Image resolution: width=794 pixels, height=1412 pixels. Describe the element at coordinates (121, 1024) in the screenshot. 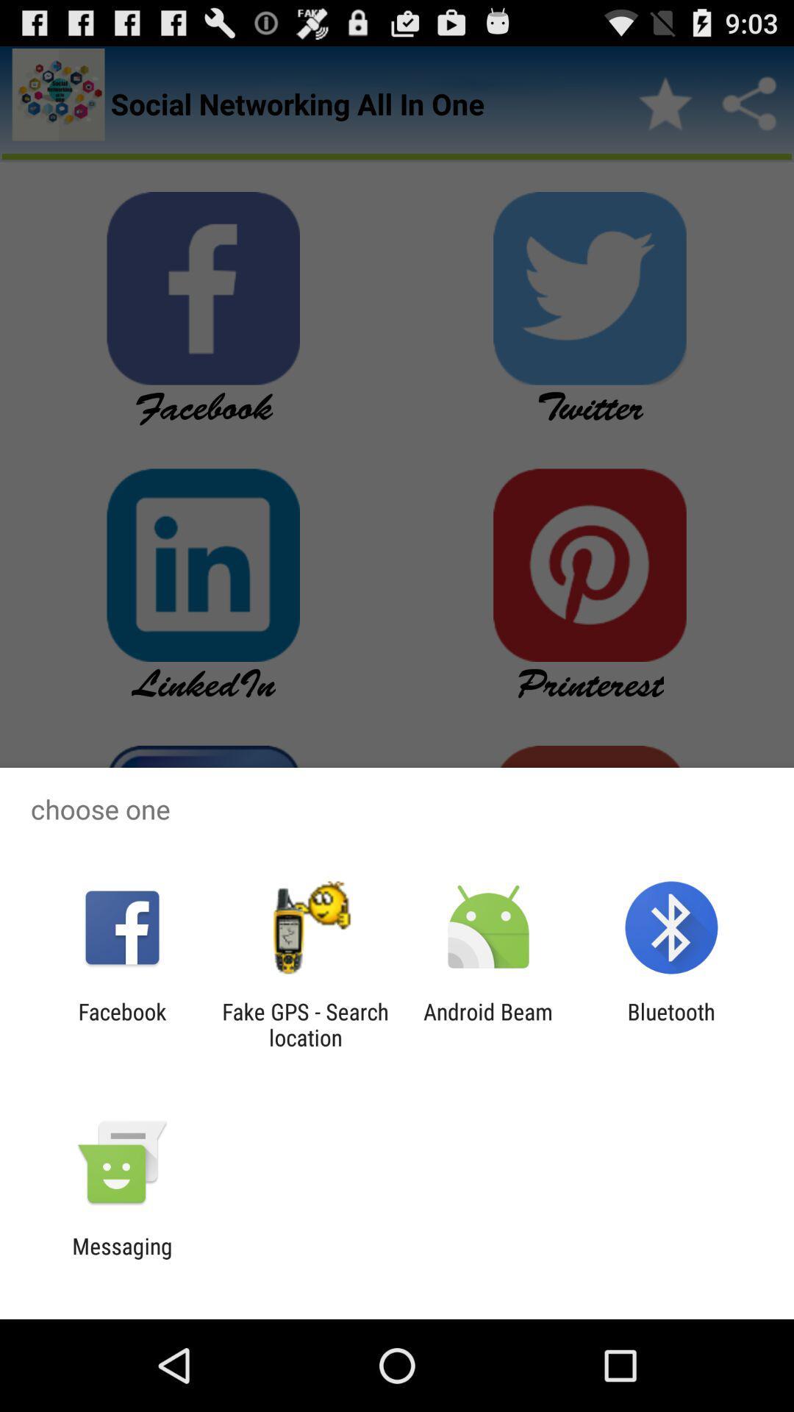

I see `facebook` at that location.